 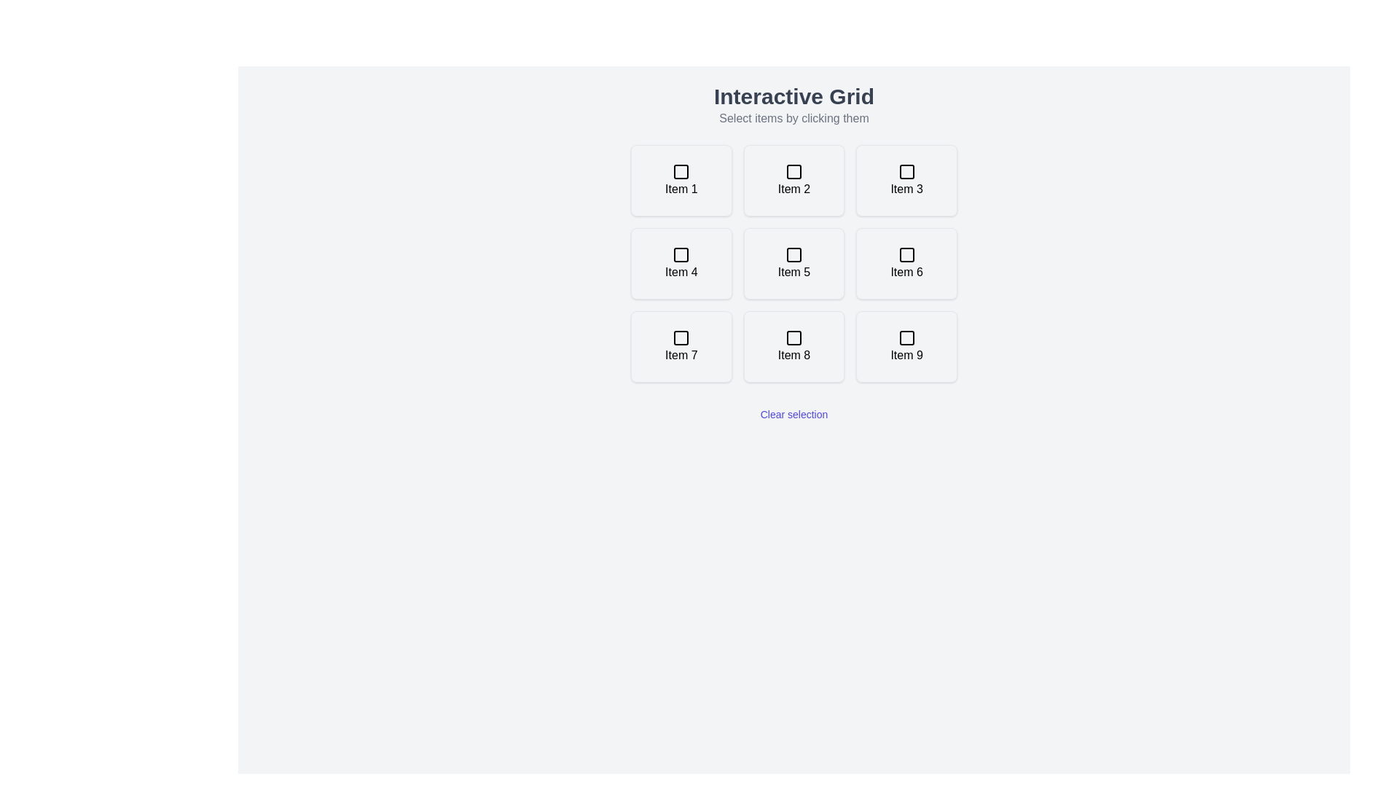 I want to click on the text element displaying 'Select items by clicking them', which is styled in a smaller, lighter gray font and located directly below the title 'Interactive Grid', so click(x=793, y=117).